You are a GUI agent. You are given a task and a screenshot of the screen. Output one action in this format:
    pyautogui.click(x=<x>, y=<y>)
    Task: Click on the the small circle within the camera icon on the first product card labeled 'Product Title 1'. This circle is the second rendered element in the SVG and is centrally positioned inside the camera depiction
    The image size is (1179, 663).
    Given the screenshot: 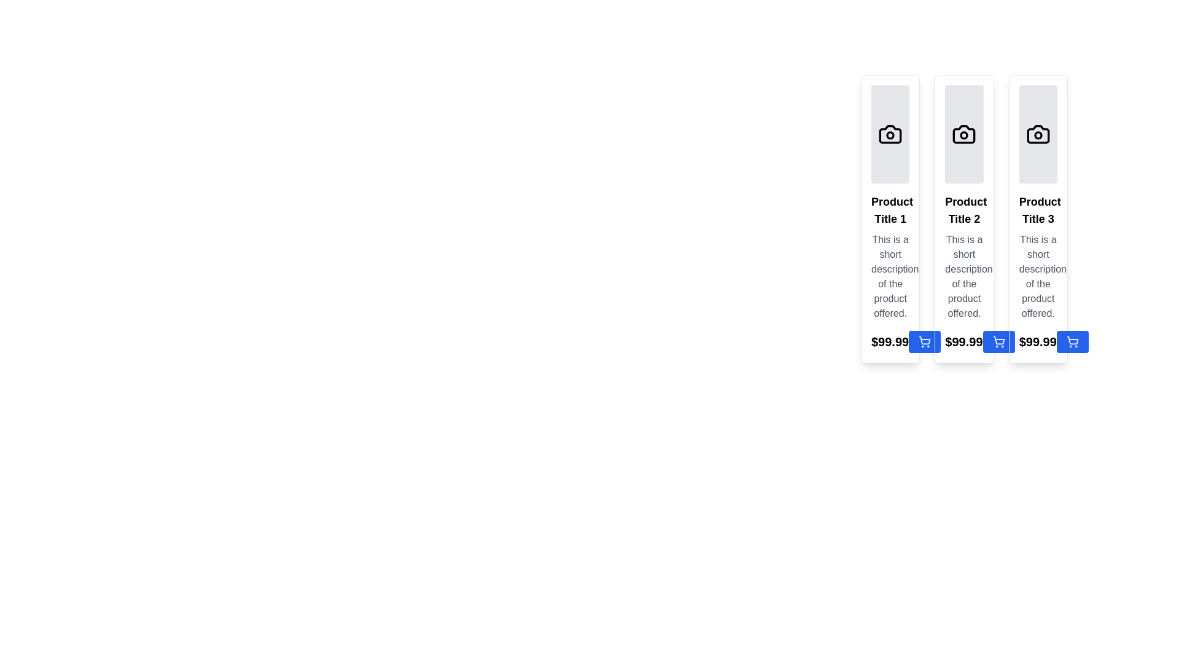 What is the action you would take?
    pyautogui.click(x=890, y=135)
    